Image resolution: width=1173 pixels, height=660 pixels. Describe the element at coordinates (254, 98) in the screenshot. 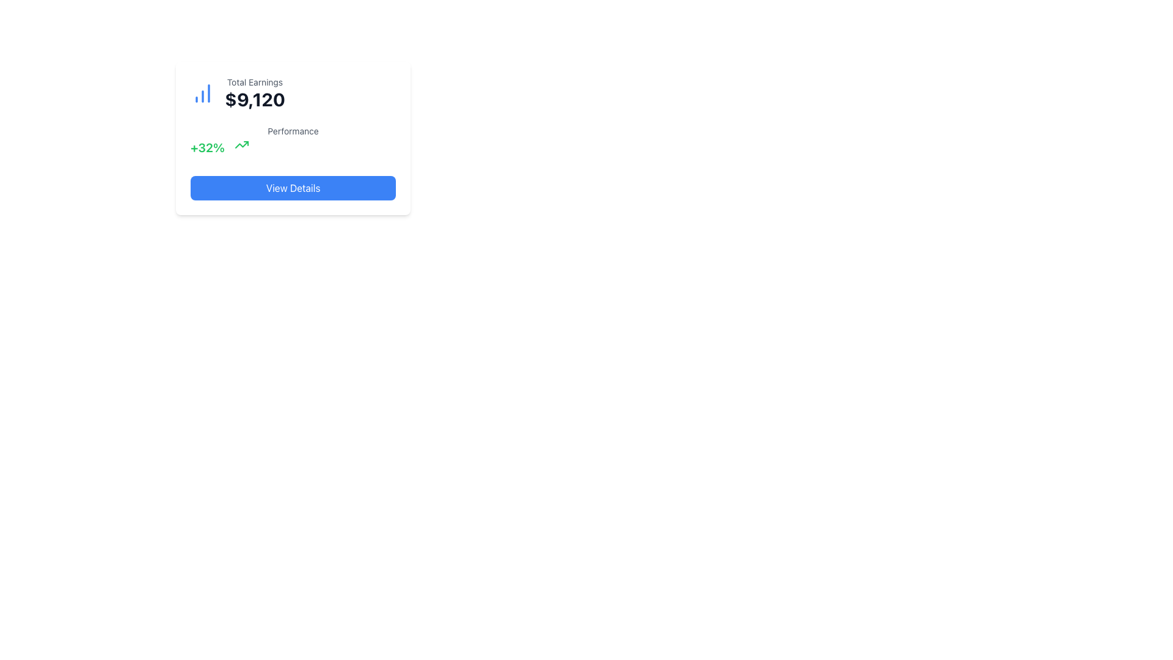

I see `the numeric Text Label displaying '$9,120', which is bold and large, located below the 'Total Earnings' label` at that location.